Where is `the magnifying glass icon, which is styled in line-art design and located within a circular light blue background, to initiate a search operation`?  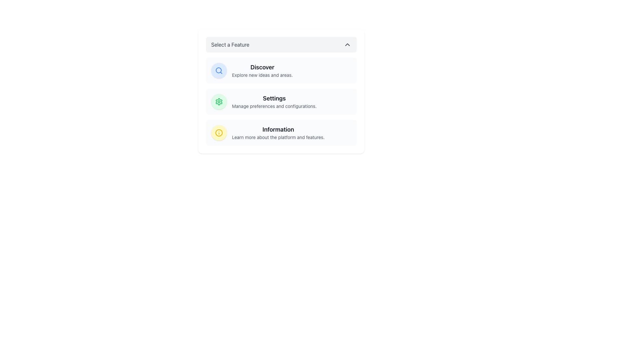 the magnifying glass icon, which is styled in line-art design and located within a circular light blue background, to initiate a search operation is located at coordinates (219, 71).